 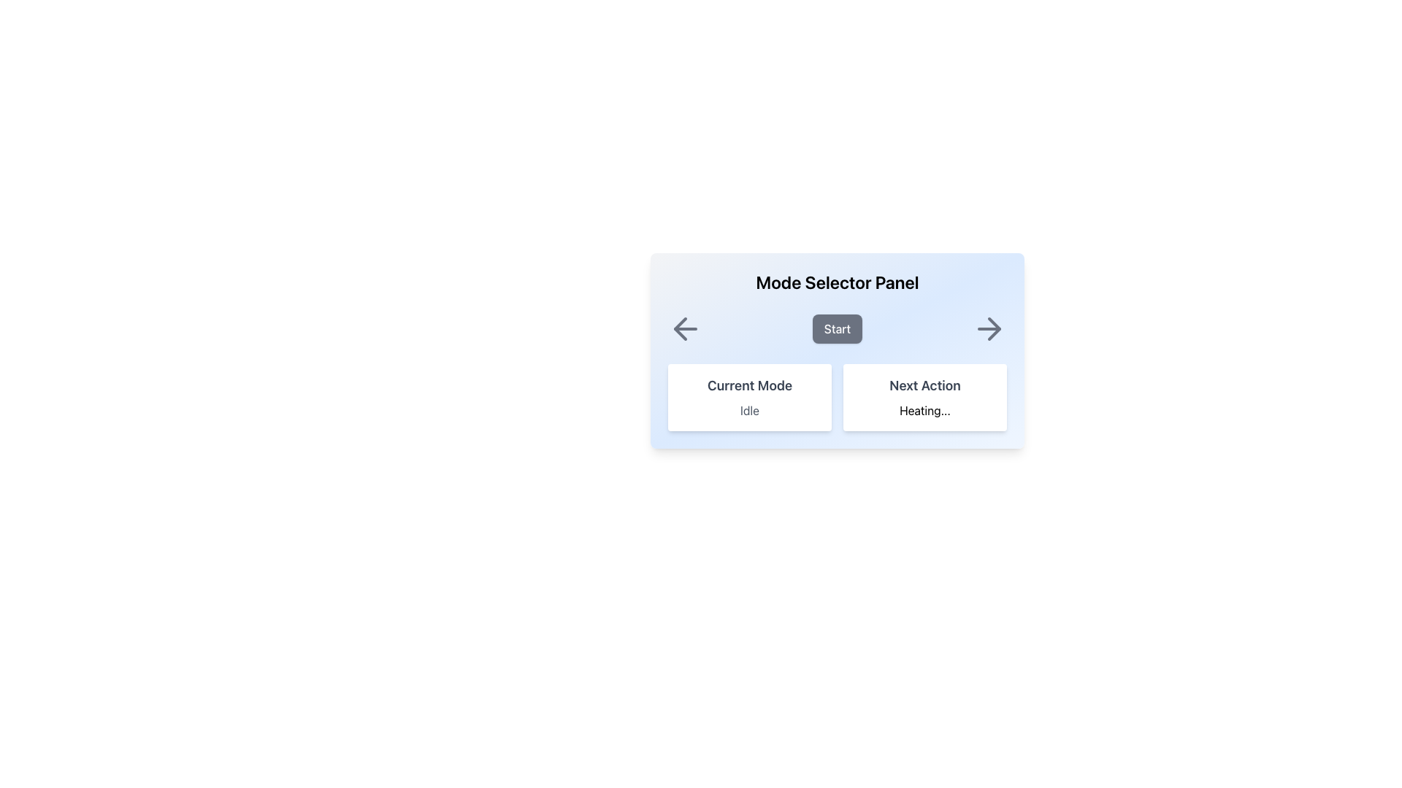 I want to click on the text label indicating the system's upcoming action or status, labeled 'Heating...', which is located below the 'Next Action' label in the panel layout, so click(x=924, y=411).